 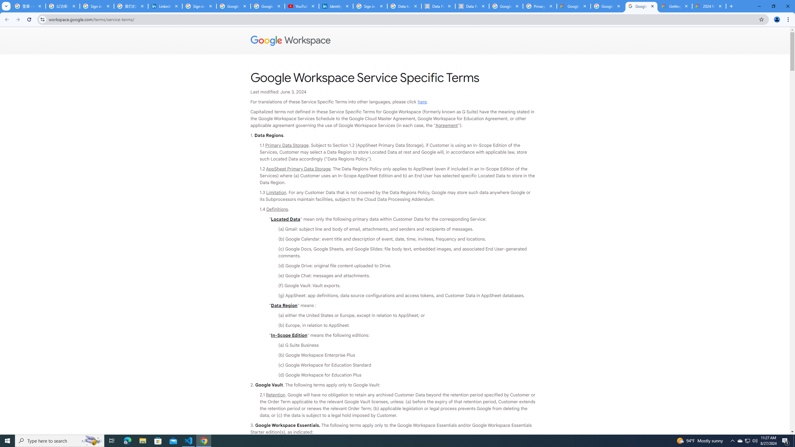 What do you see at coordinates (395, 40) in the screenshot?
I see `'Google Workspace'` at bounding box center [395, 40].